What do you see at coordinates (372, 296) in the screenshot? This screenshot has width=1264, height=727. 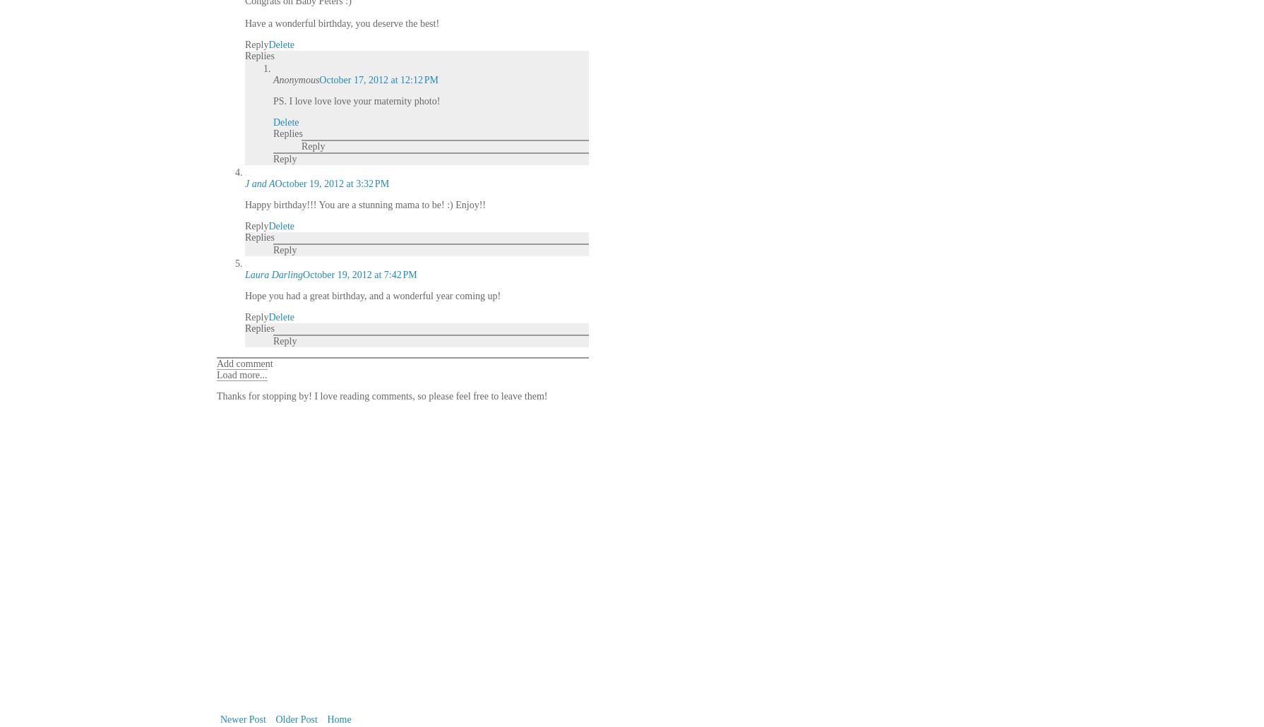 I see `'Hope you had a great birthday, and a wonderful year coming up!'` at bounding box center [372, 296].